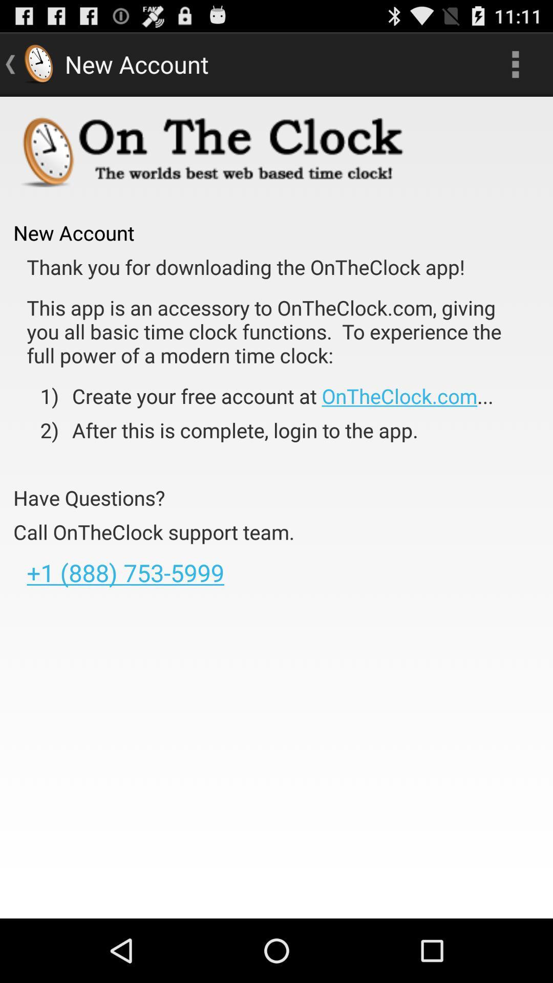 Image resolution: width=553 pixels, height=983 pixels. I want to click on the call ontheclock support, so click(154, 532).